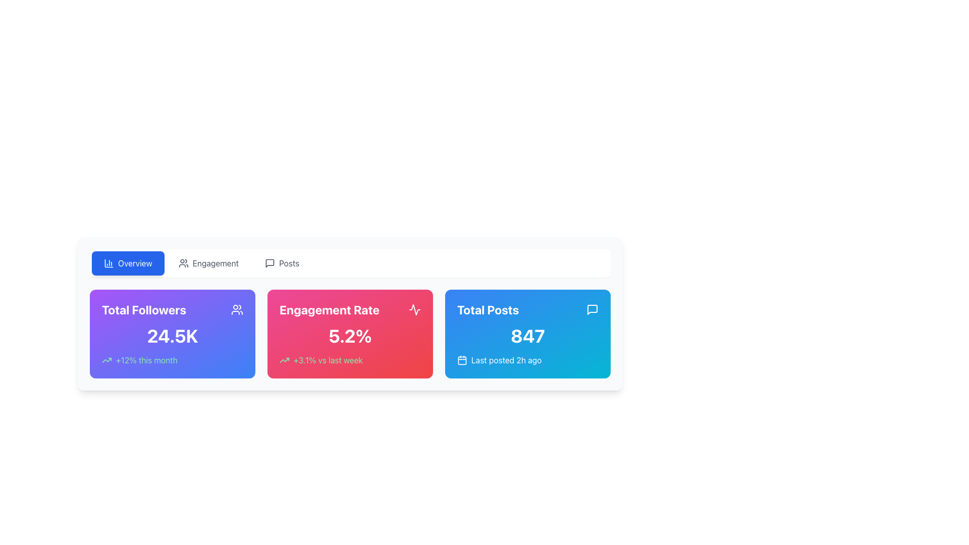 This screenshot has height=545, width=969. I want to click on the Informational Card that displays the engagement rate metric, positioned in the middle of three cards in a grid layout, so click(350, 334).